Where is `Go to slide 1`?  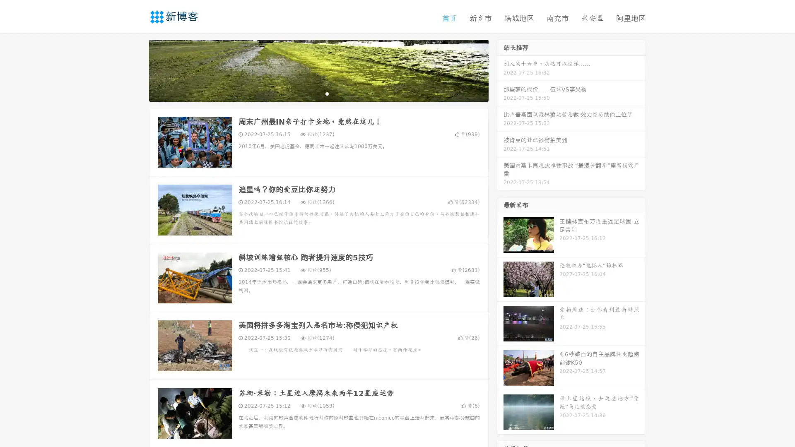 Go to slide 1 is located at coordinates (310, 93).